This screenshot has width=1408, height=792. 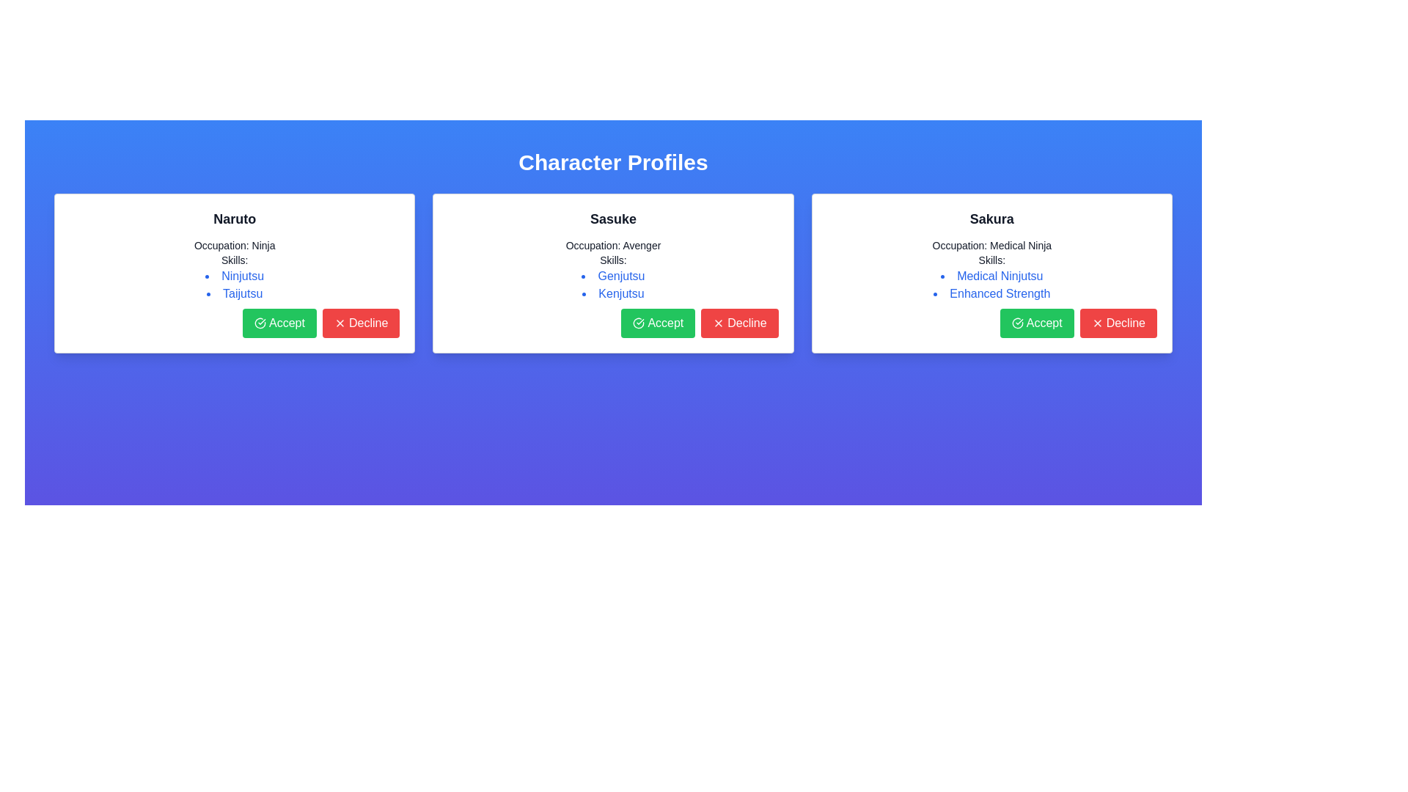 What do you see at coordinates (235, 276) in the screenshot?
I see `the first skill label for the character 'Naruto' in the leftmost profile card, which is positioned above 'Taijutsu'` at bounding box center [235, 276].